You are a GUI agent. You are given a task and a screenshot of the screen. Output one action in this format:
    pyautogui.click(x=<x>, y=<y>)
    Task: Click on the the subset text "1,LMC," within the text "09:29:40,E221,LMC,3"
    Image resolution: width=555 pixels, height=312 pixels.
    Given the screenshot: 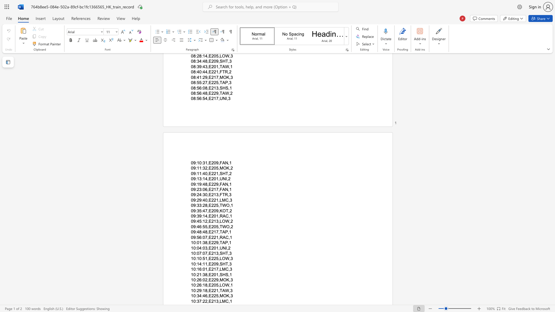 What is the action you would take?
    pyautogui.click(x=216, y=200)
    